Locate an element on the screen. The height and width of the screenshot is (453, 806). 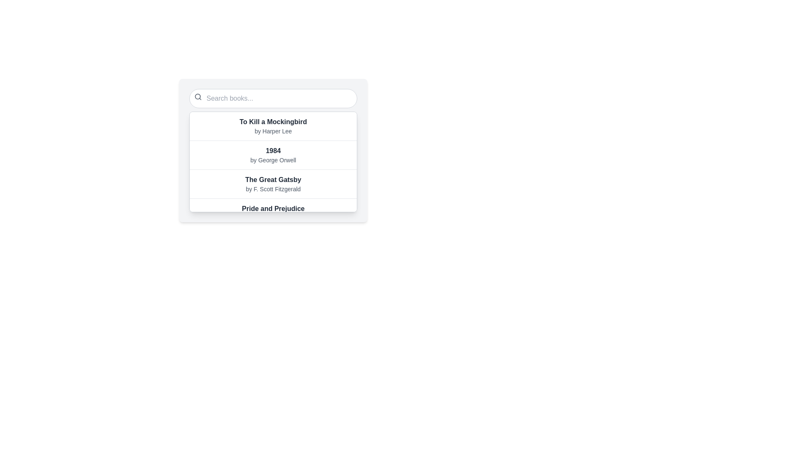
the first list item in the book suggestions titled 'To Kill a Mockingbird' by Harper Lee is located at coordinates (273, 126).